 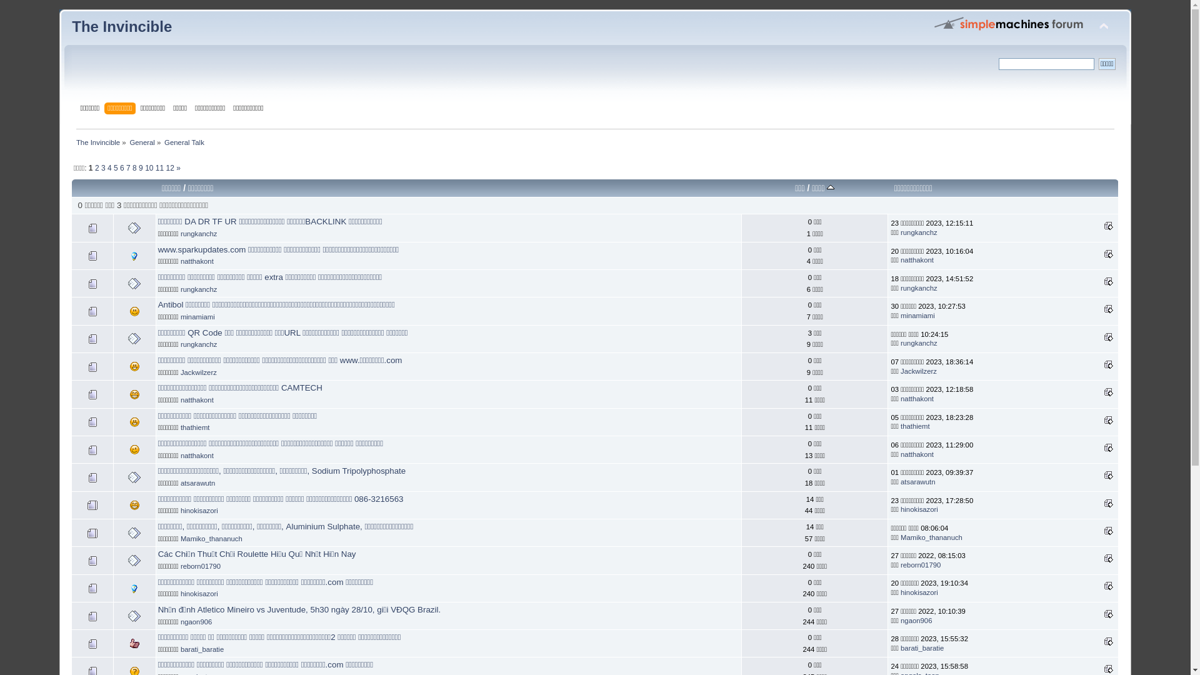 I want to click on 'rungkanchz', so click(x=919, y=288).